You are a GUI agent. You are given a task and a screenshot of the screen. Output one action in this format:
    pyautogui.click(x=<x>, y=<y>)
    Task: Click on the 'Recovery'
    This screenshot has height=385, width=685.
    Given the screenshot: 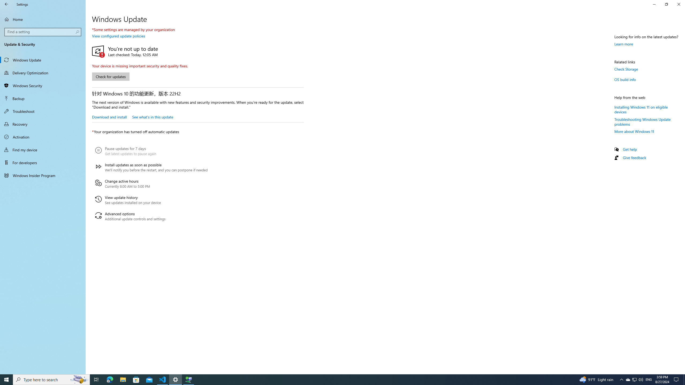 What is the action you would take?
    pyautogui.click(x=43, y=124)
    